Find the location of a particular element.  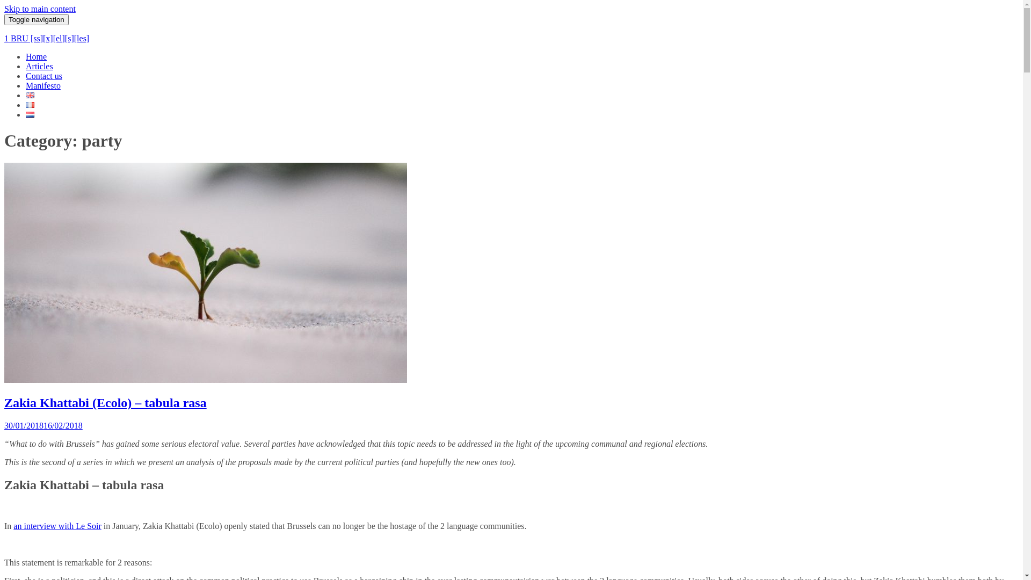

'Nederlands' is located at coordinates (30, 114).